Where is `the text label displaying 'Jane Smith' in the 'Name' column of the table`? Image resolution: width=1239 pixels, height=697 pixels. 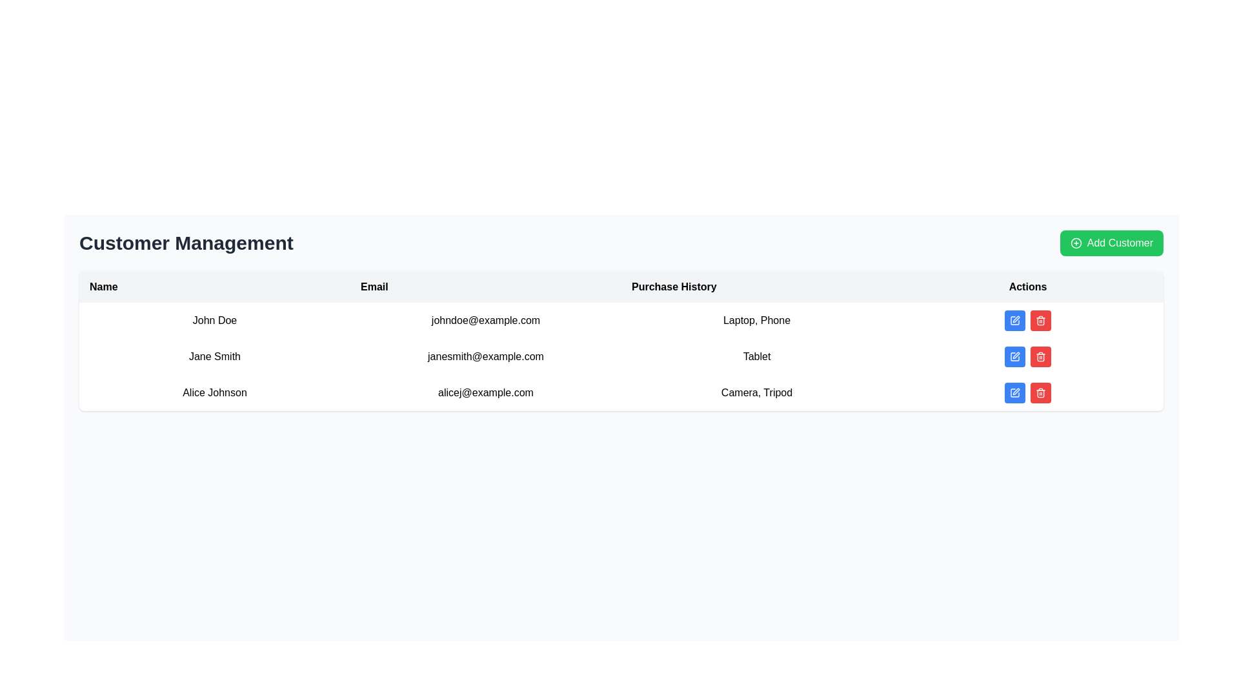
the text label displaying 'Jane Smith' in the 'Name' column of the table is located at coordinates (214, 356).